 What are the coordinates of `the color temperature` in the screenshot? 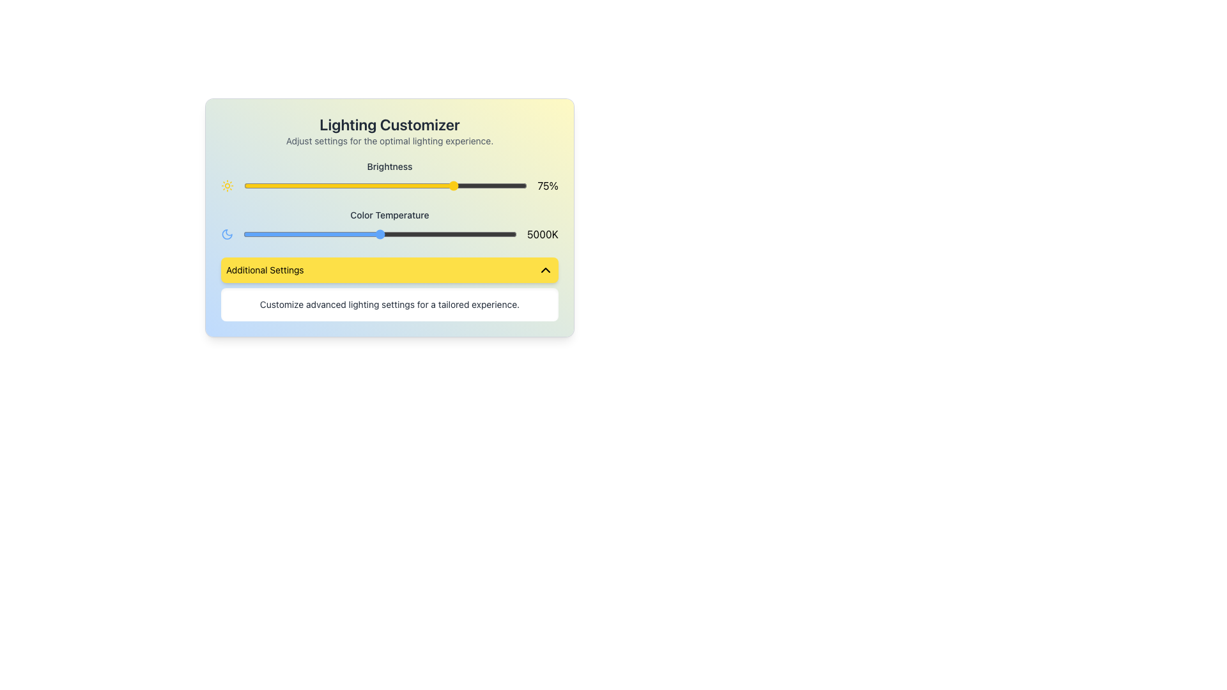 It's located at (426, 234).